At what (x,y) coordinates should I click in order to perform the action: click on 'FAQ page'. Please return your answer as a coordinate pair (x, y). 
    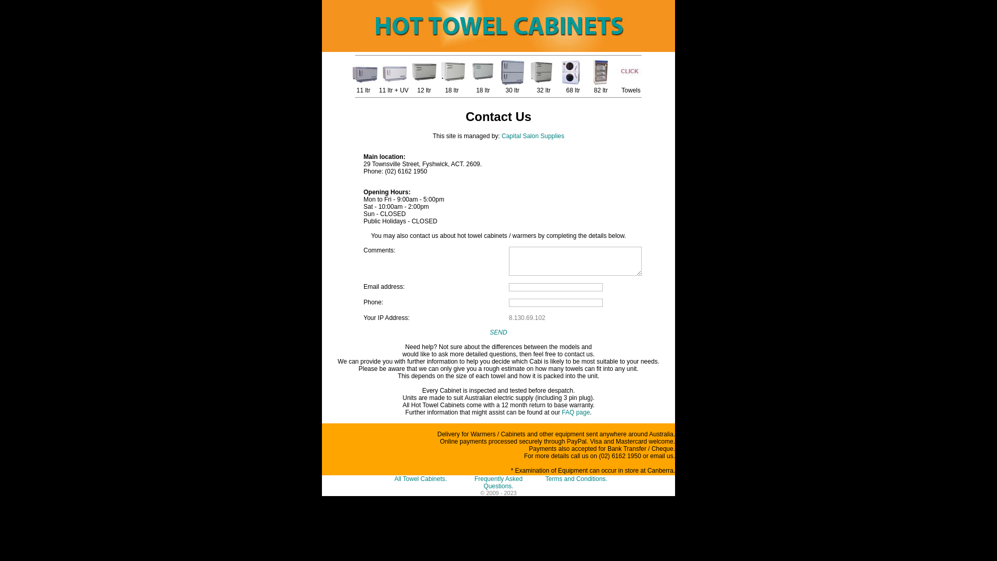
    Looking at the image, I should click on (575, 412).